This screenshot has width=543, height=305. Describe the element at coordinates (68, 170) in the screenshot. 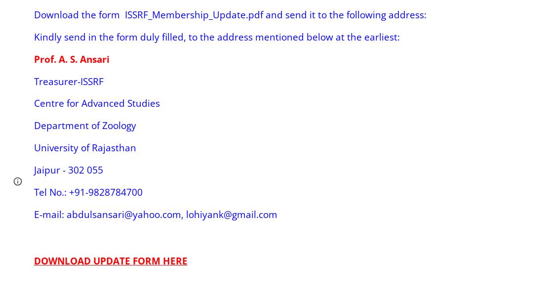

I see `'Jaipur - 302 055'` at that location.